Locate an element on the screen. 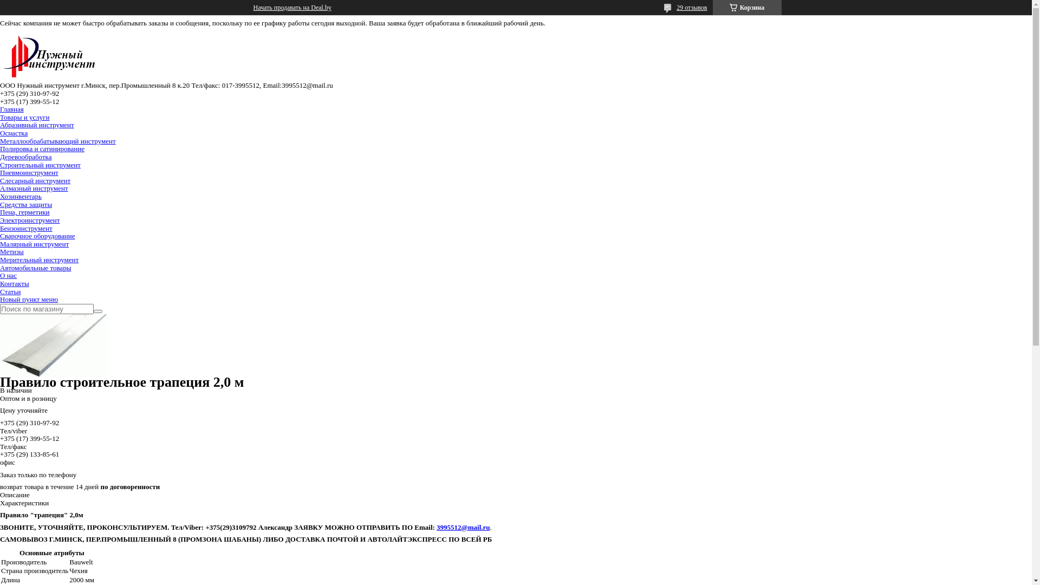  '3995512@mail.ru' is located at coordinates (463, 526).